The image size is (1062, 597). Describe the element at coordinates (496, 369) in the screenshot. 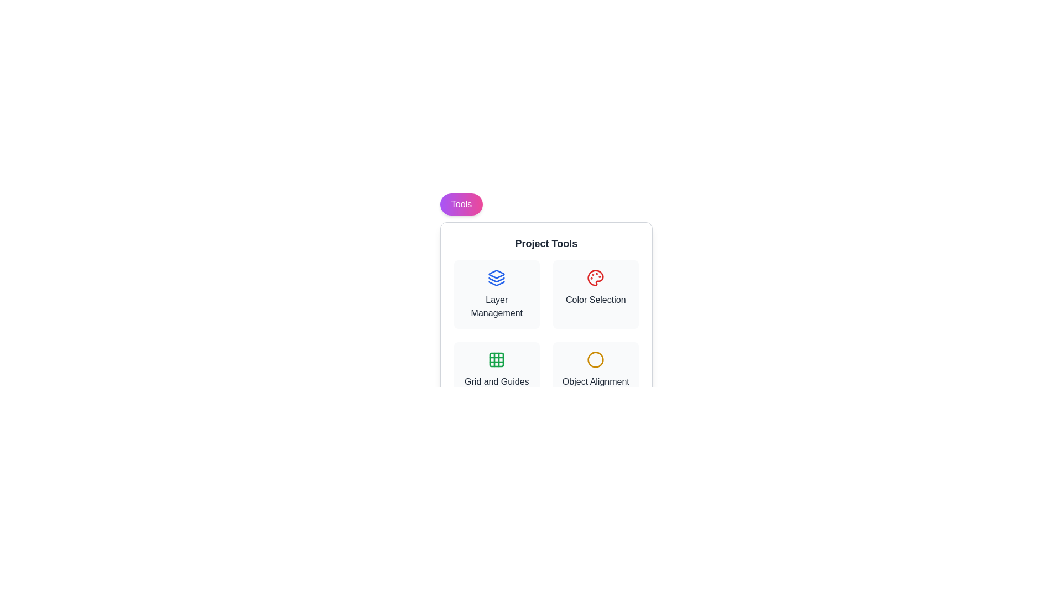

I see `the menu button for grid and guide management located in the lower-left quadrant, below 'Layer Management' and to the left of 'Object Alignment'` at that location.